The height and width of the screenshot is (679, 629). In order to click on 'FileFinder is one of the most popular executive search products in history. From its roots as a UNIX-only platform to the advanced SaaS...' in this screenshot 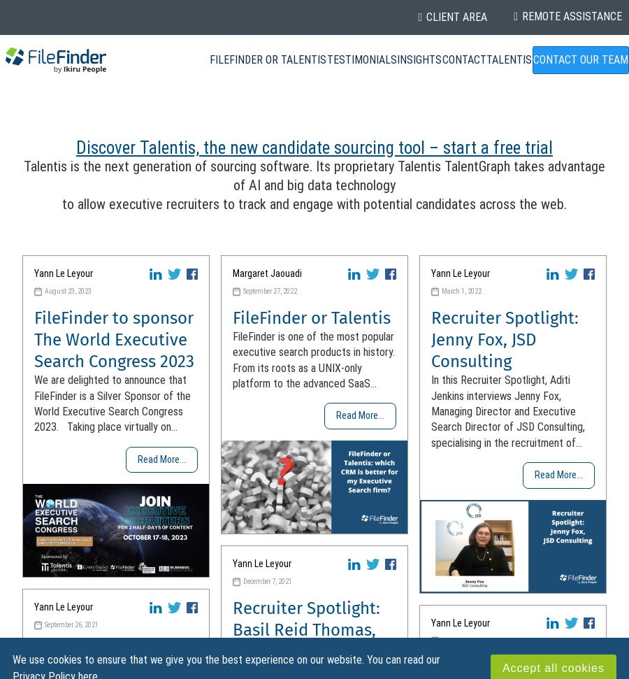, I will do `click(314, 359)`.